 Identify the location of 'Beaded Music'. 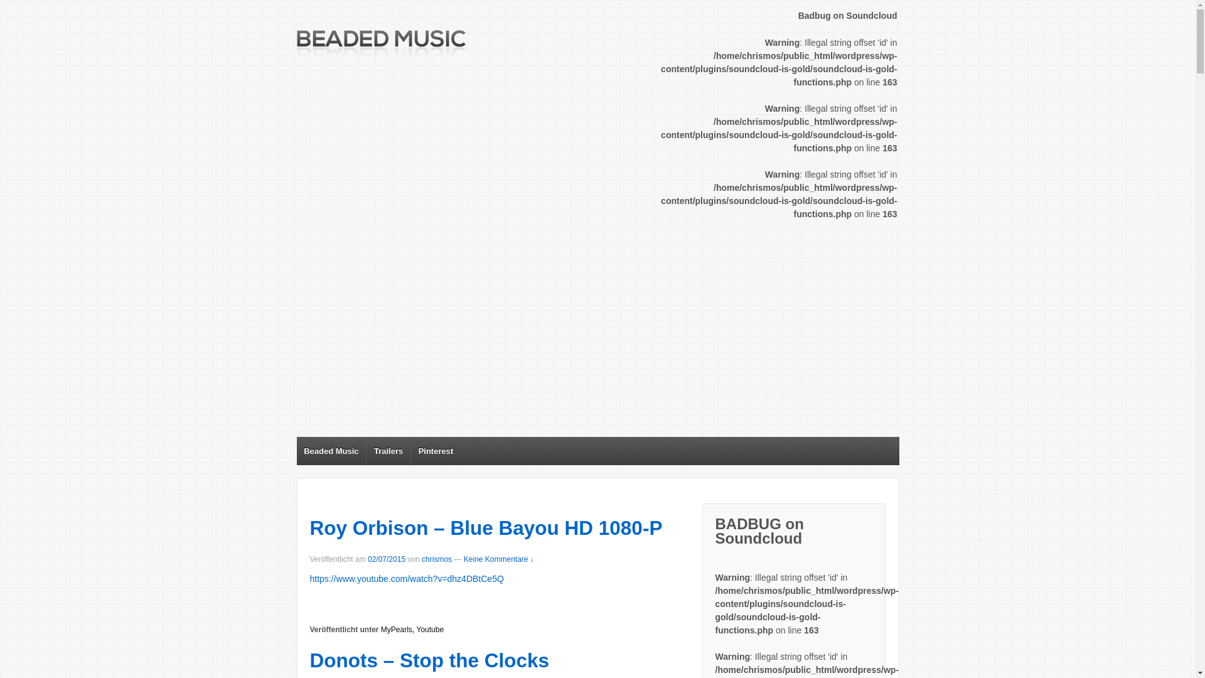
(331, 450).